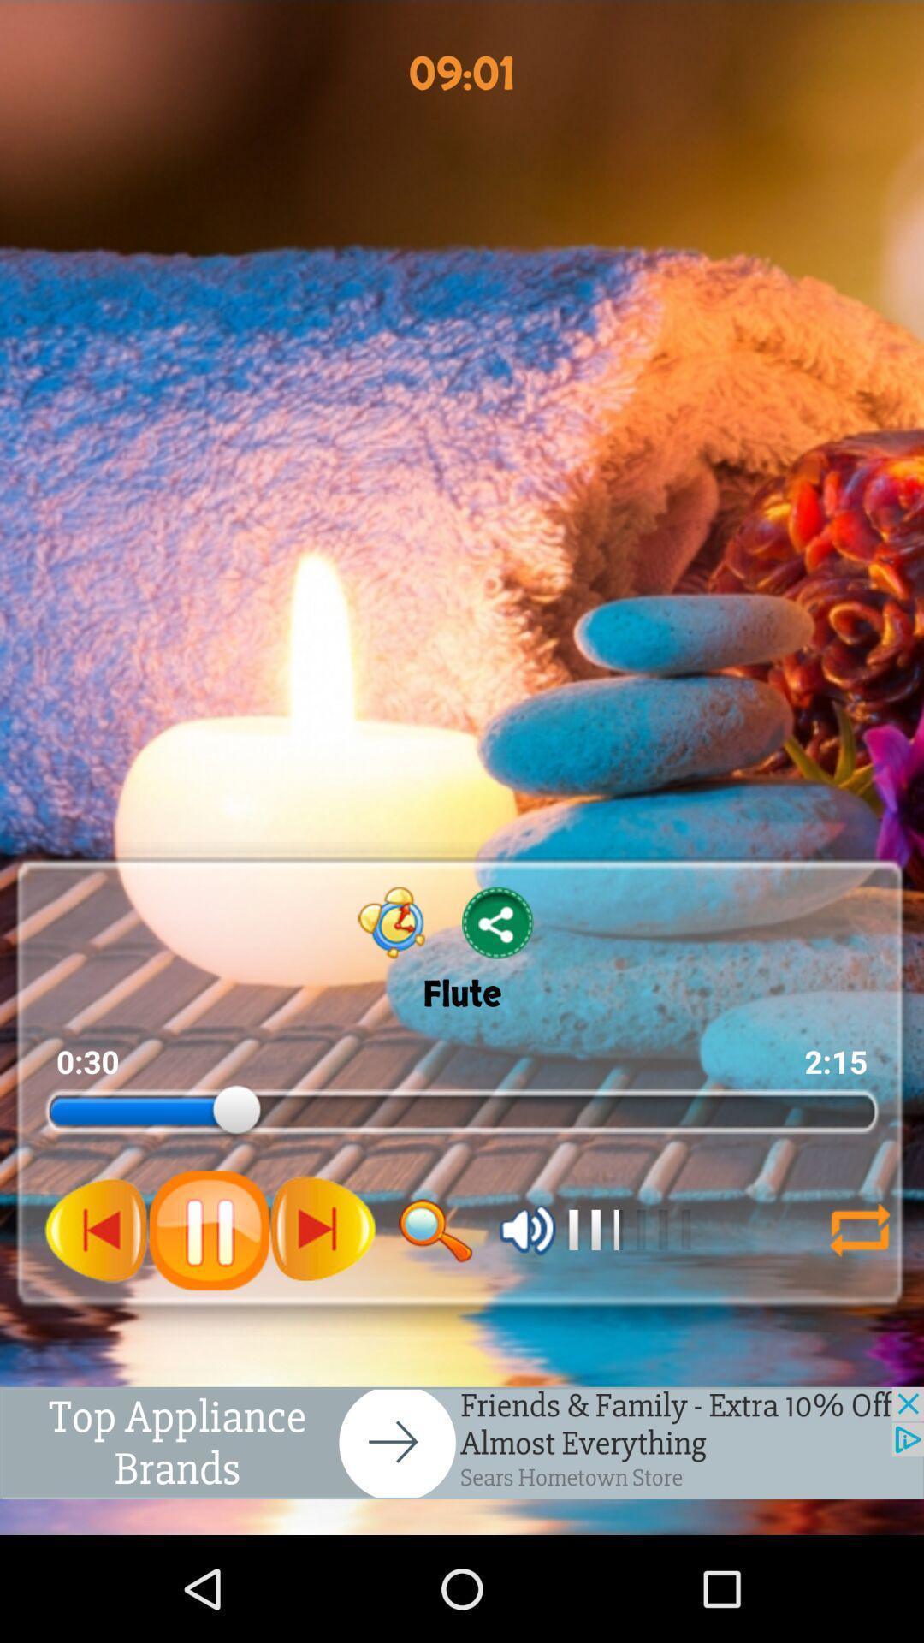  Describe the element at coordinates (208, 1230) in the screenshot. I see `pause button` at that location.